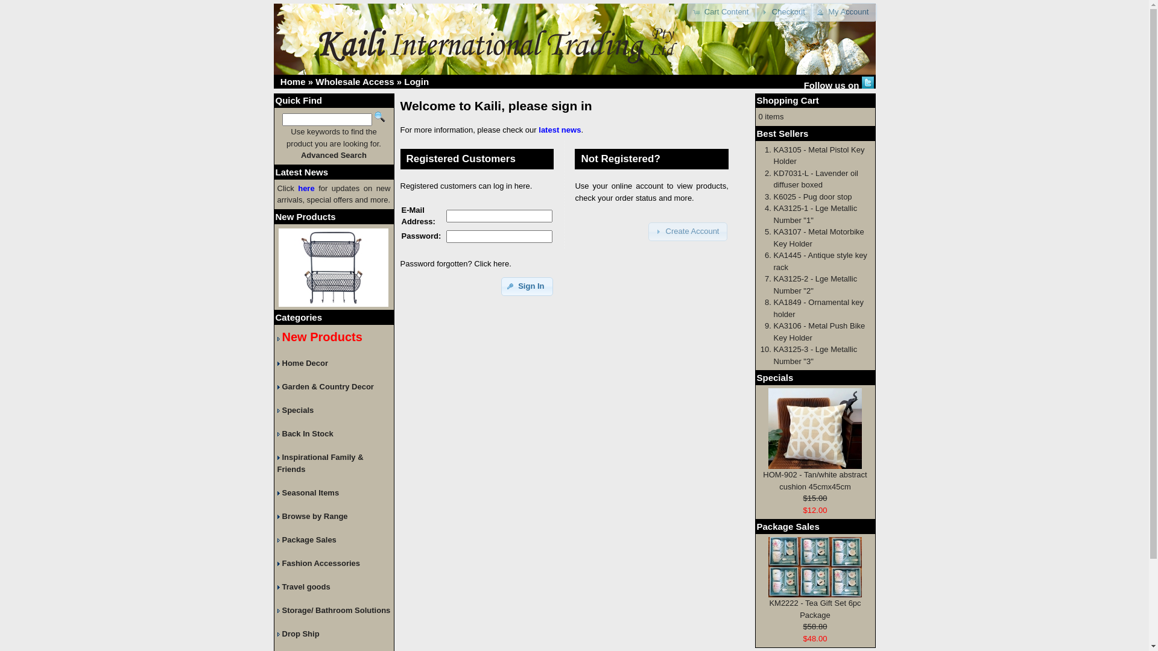  What do you see at coordinates (320, 338) in the screenshot?
I see `'New Products'` at bounding box center [320, 338].